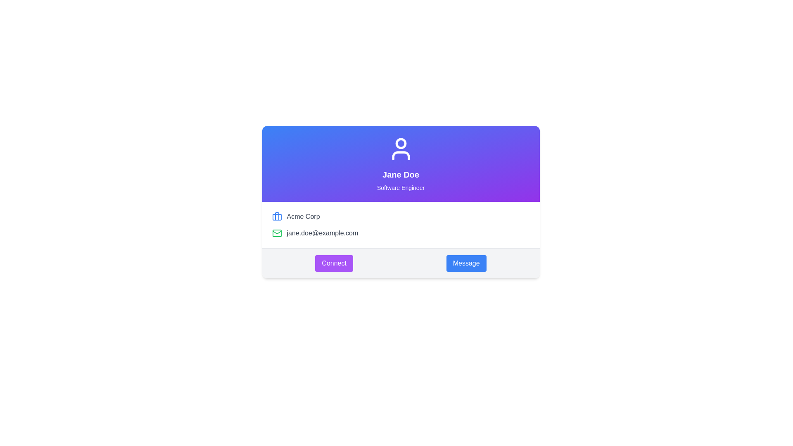  Describe the element at coordinates (303, 216) in the screenshot. I see `the text element displaying the company name 'Acme Corp'` at that location.